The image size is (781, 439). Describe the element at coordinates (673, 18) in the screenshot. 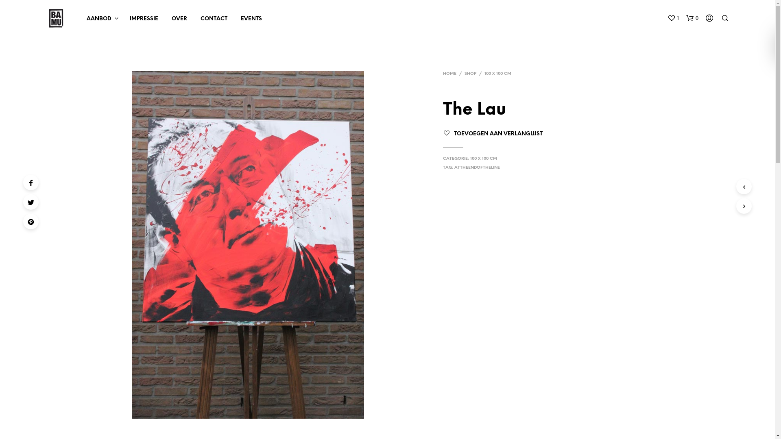

I see `'1'` at that location.